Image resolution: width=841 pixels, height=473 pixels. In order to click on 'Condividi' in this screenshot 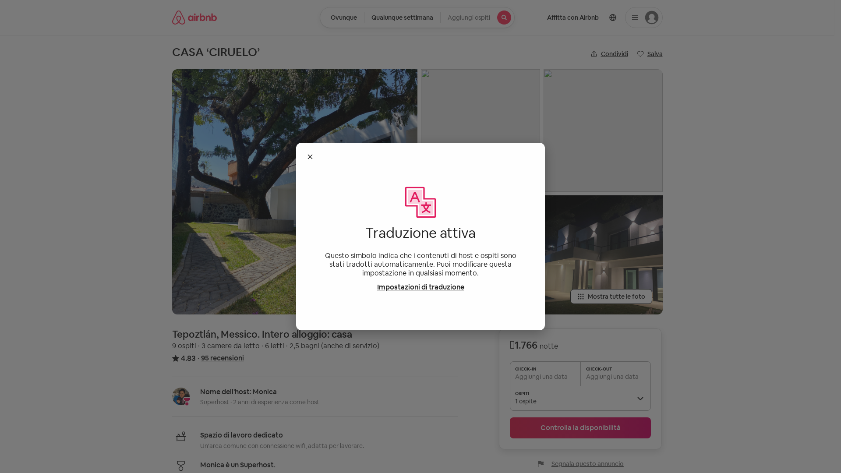, I will do `click(609, 54)`.